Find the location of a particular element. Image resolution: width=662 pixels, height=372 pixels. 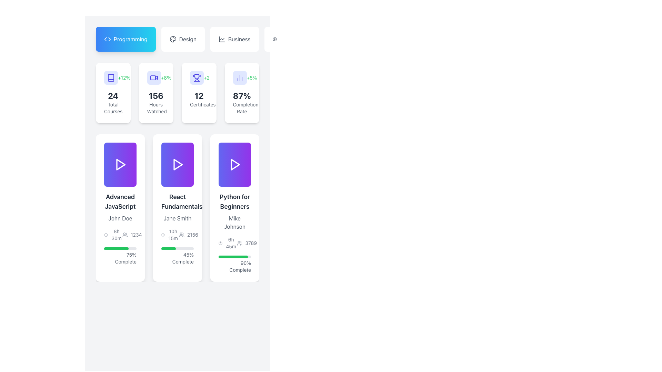

the text label that reads 'Total Courses', which is styled in a smaller gray font and positioned below the numeric value '24' in the first card of a horizontal series is located at coordinates (113, 108).